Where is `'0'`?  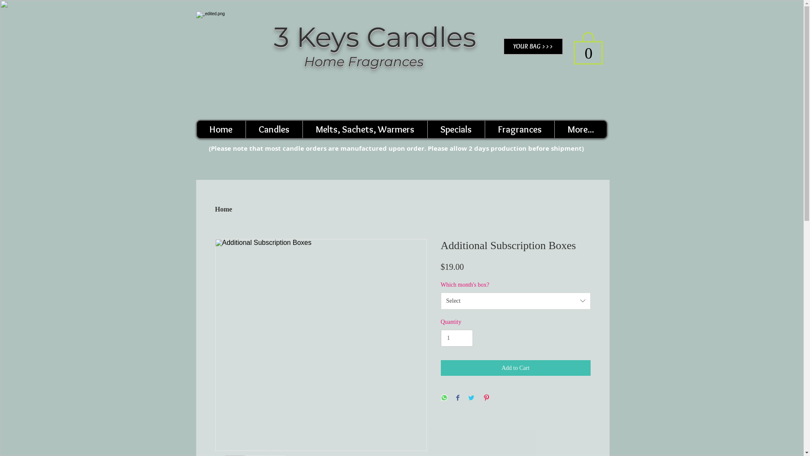 '0' is located at coordinates (573, 47).